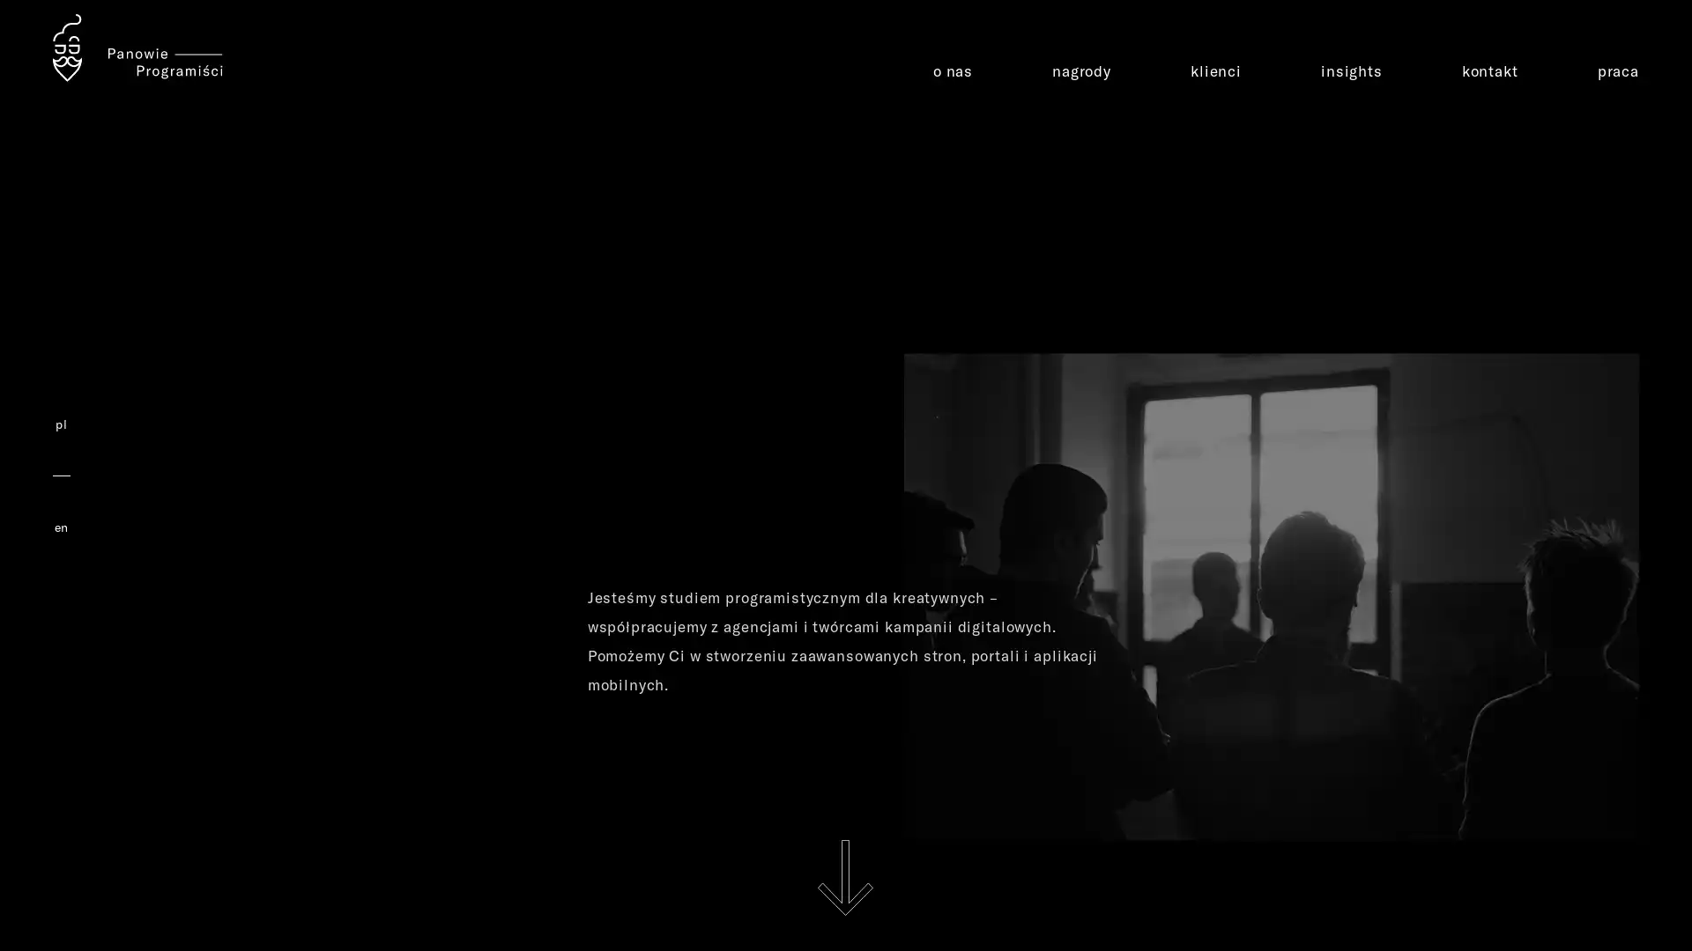 The height and width of the screenshot is (951, 1692). What do you see at coordinates (844, 877) in the screenshot?
I see `Przeskroluj` at bounding box center [844, 877].